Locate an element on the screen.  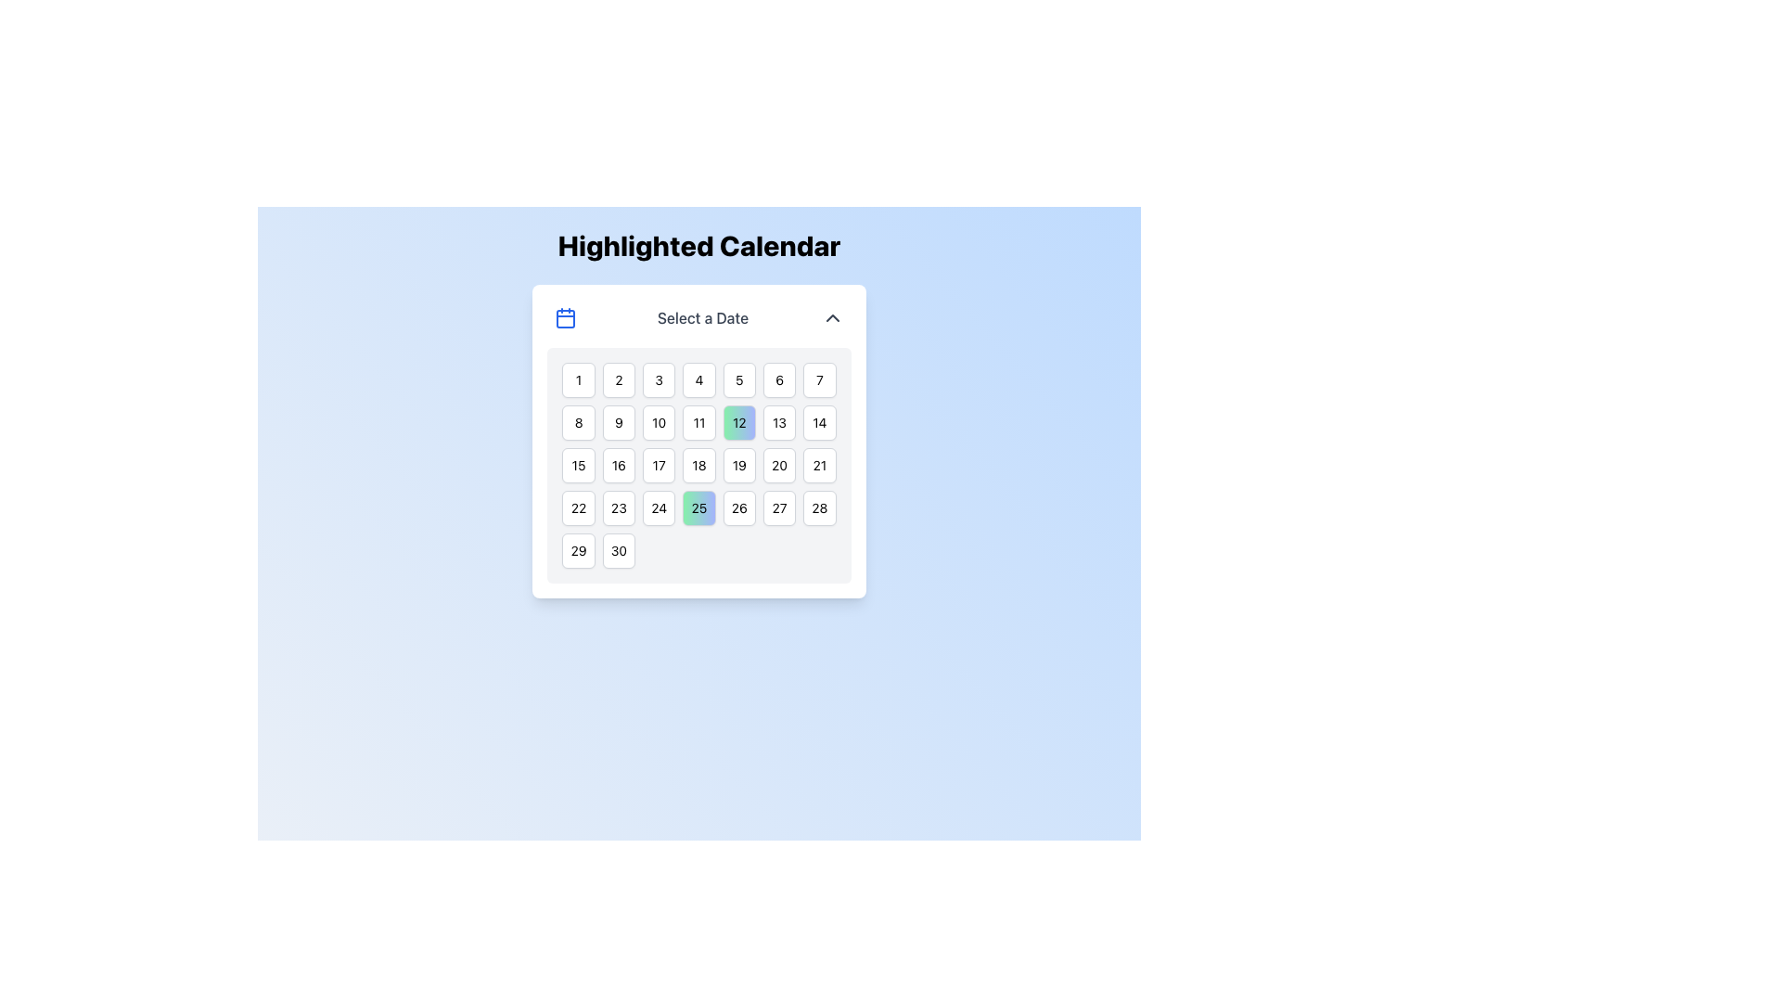
the button representing the 10th day is located at coordinates (659, 422).